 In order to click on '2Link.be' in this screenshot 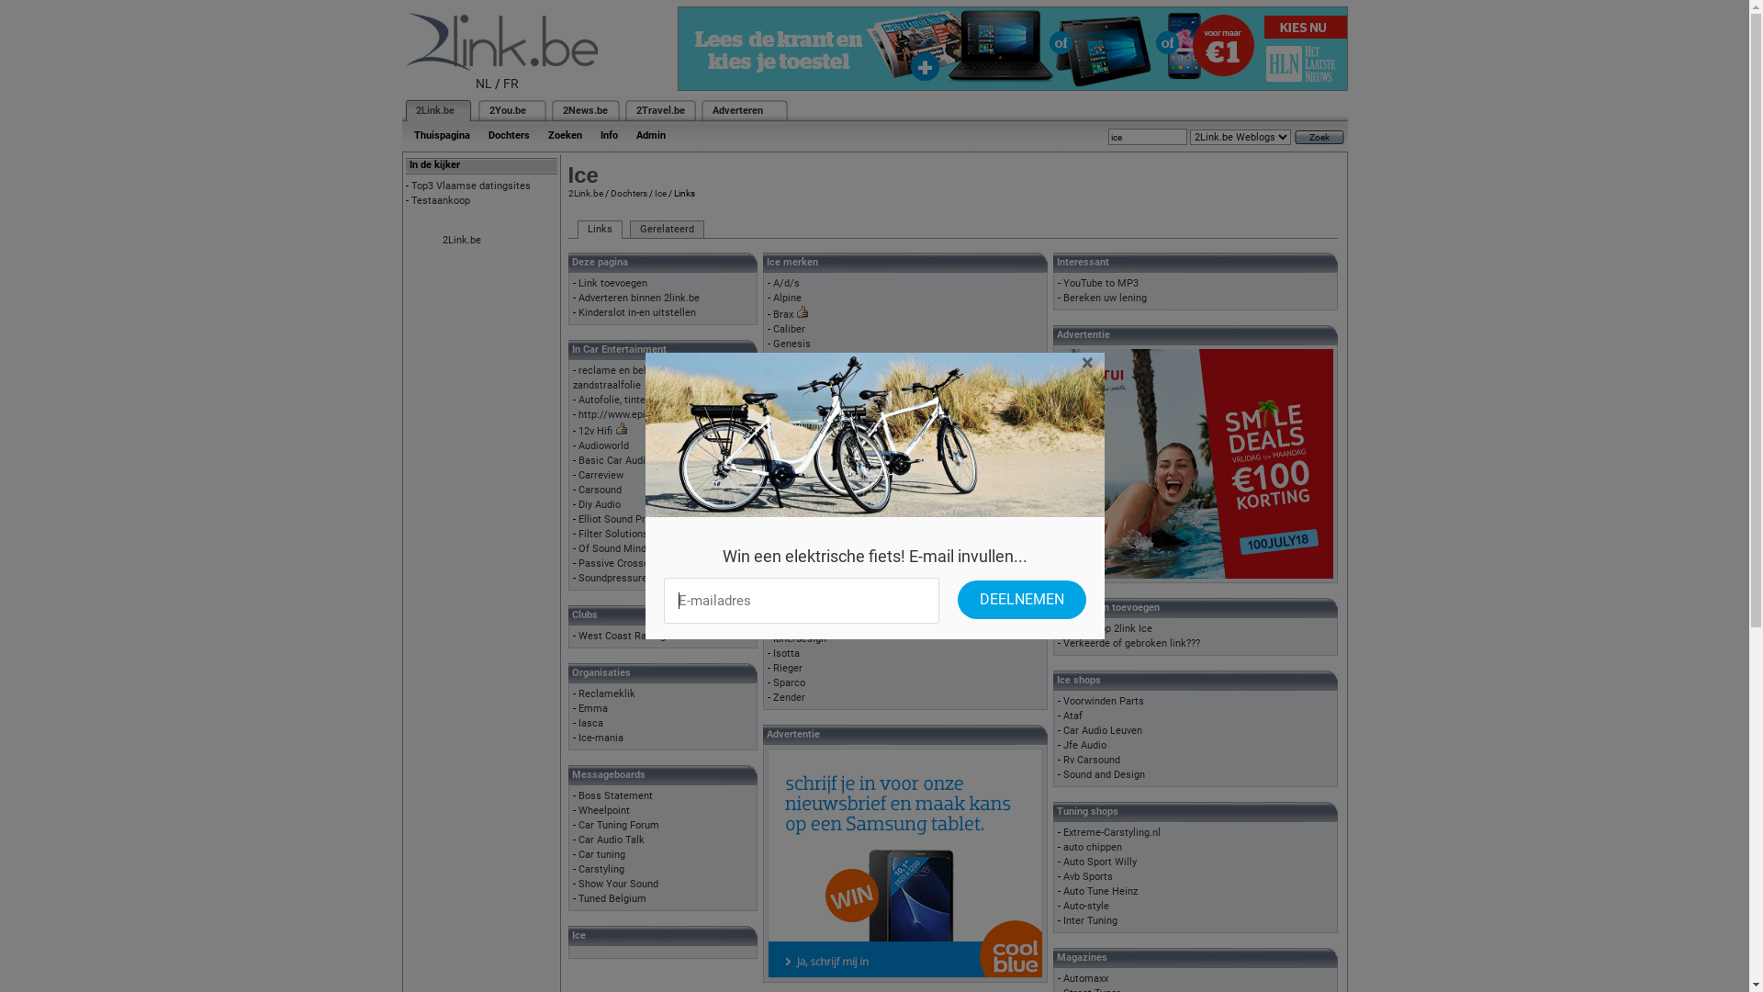, I will do `click(462, 239)`.